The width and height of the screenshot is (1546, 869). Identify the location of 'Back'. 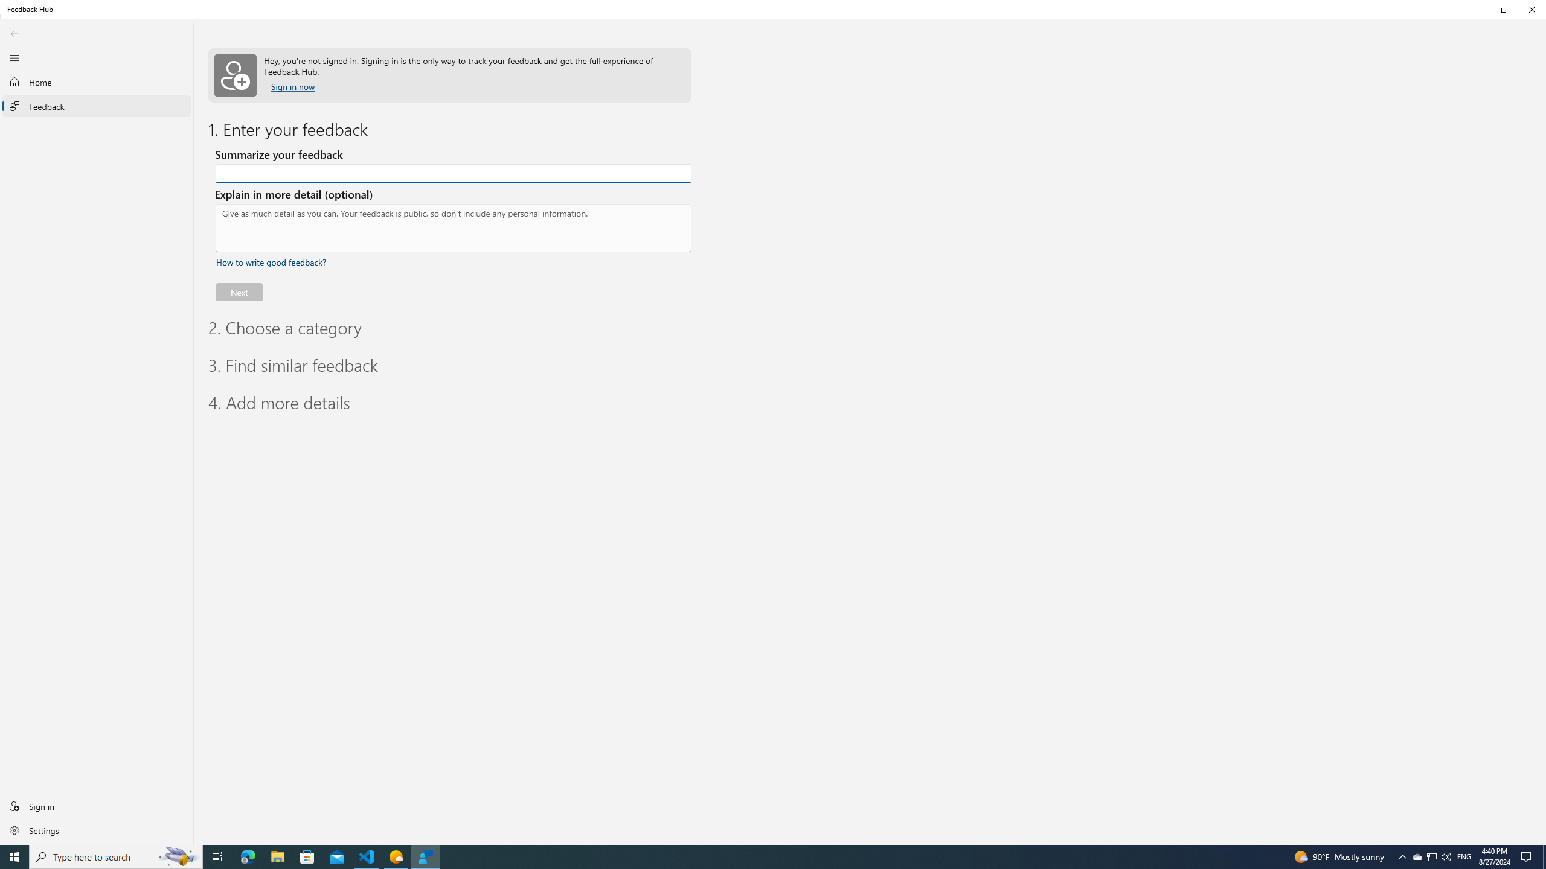
(14, 33).